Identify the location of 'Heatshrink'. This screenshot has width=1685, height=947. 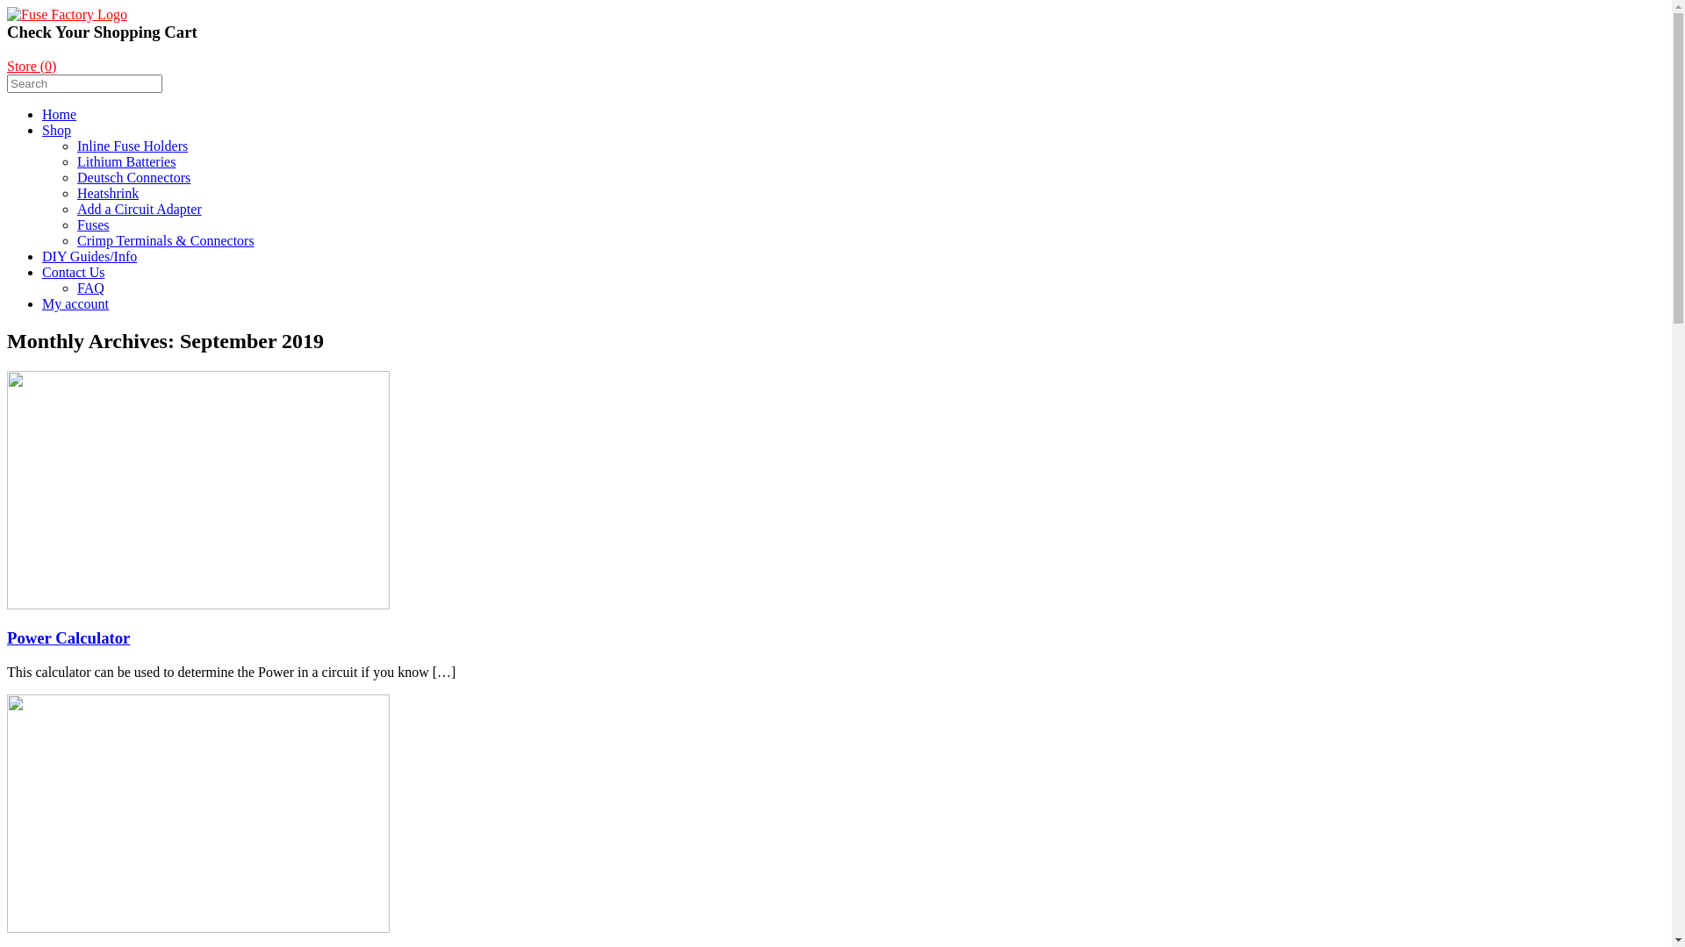
(75, 193).